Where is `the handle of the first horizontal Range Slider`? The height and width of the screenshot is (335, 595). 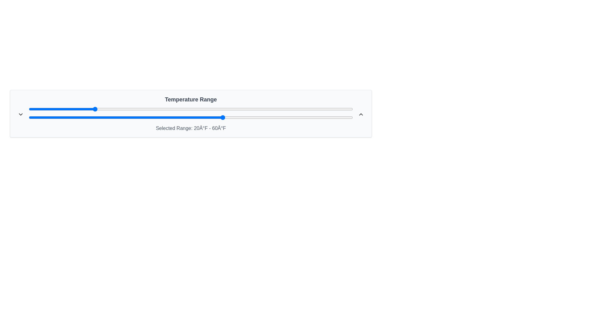 the handle of the first horizontal Range Slider is located at coordinates (190, 109).